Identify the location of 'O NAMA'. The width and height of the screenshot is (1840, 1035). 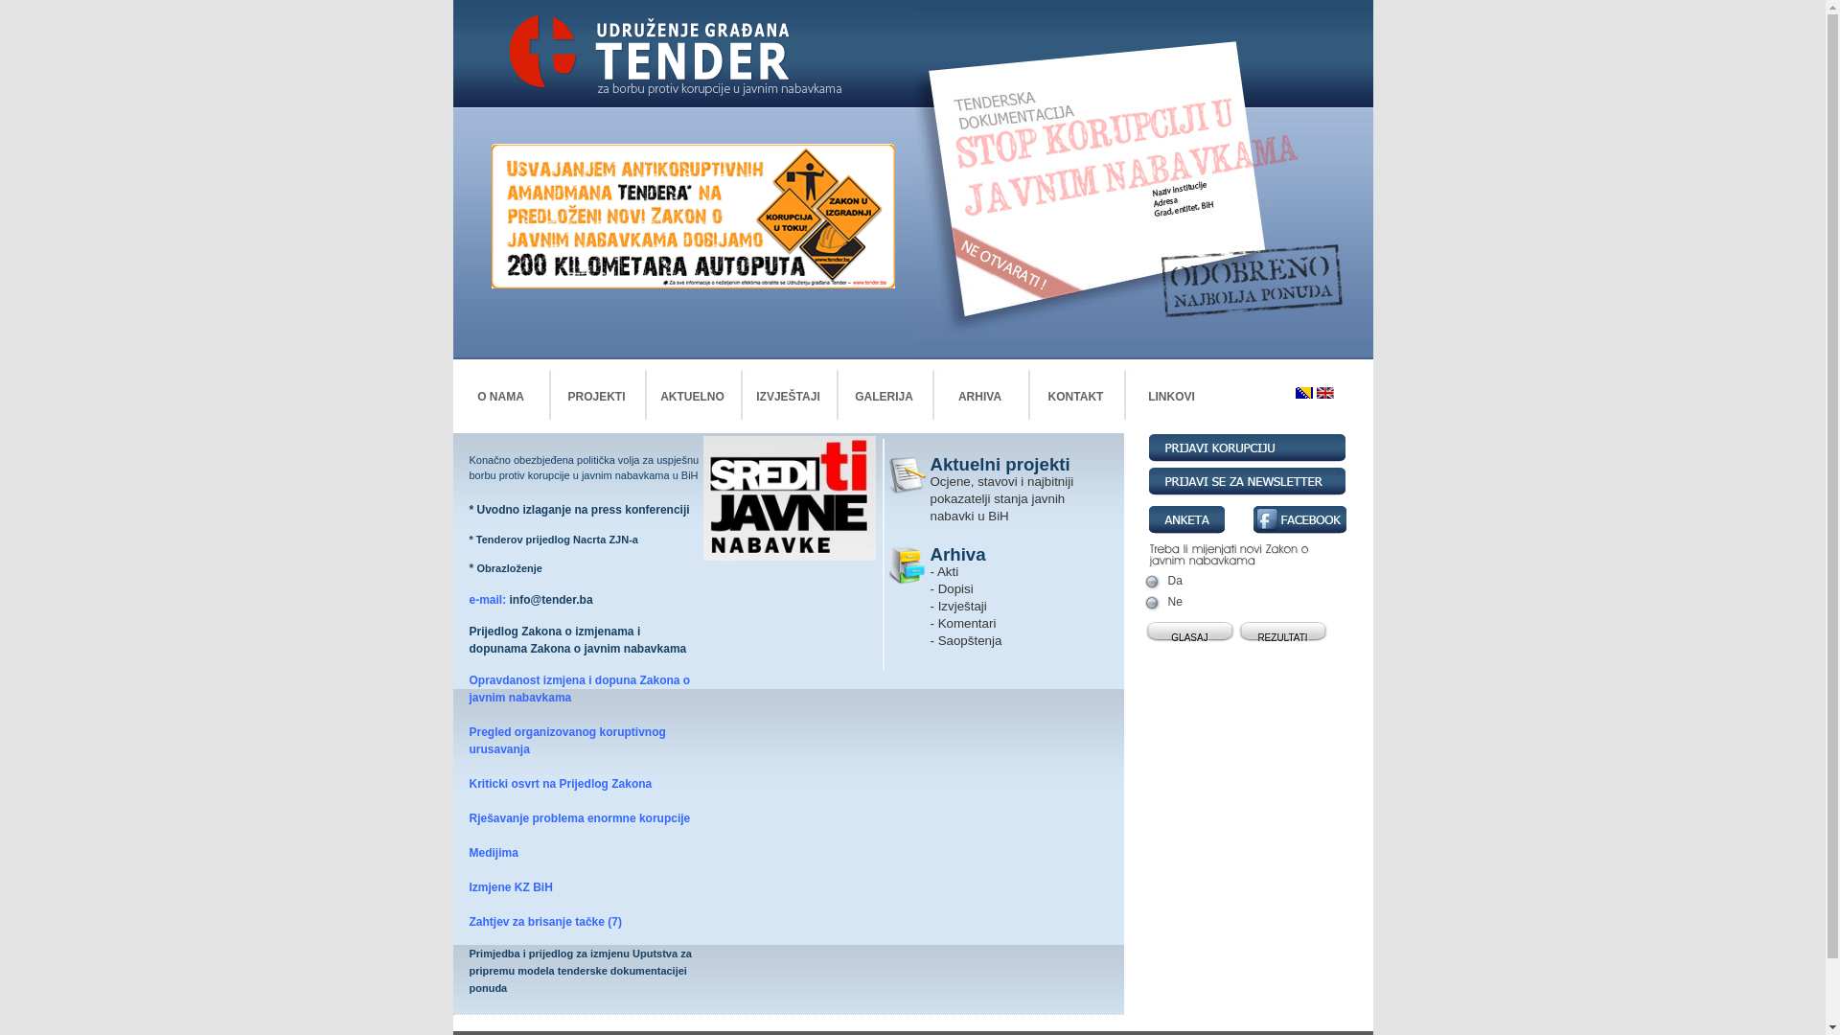
(500, 395).